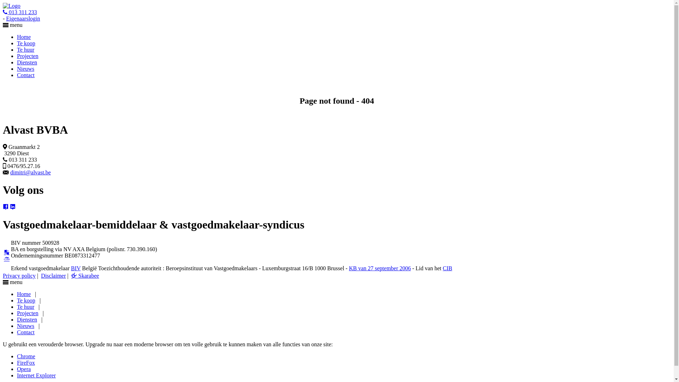 This screenshot has width=679, height=382. Describe the element at coordinates (53, 275) in the screenshot. I see `'Disclaimer'` at that location.